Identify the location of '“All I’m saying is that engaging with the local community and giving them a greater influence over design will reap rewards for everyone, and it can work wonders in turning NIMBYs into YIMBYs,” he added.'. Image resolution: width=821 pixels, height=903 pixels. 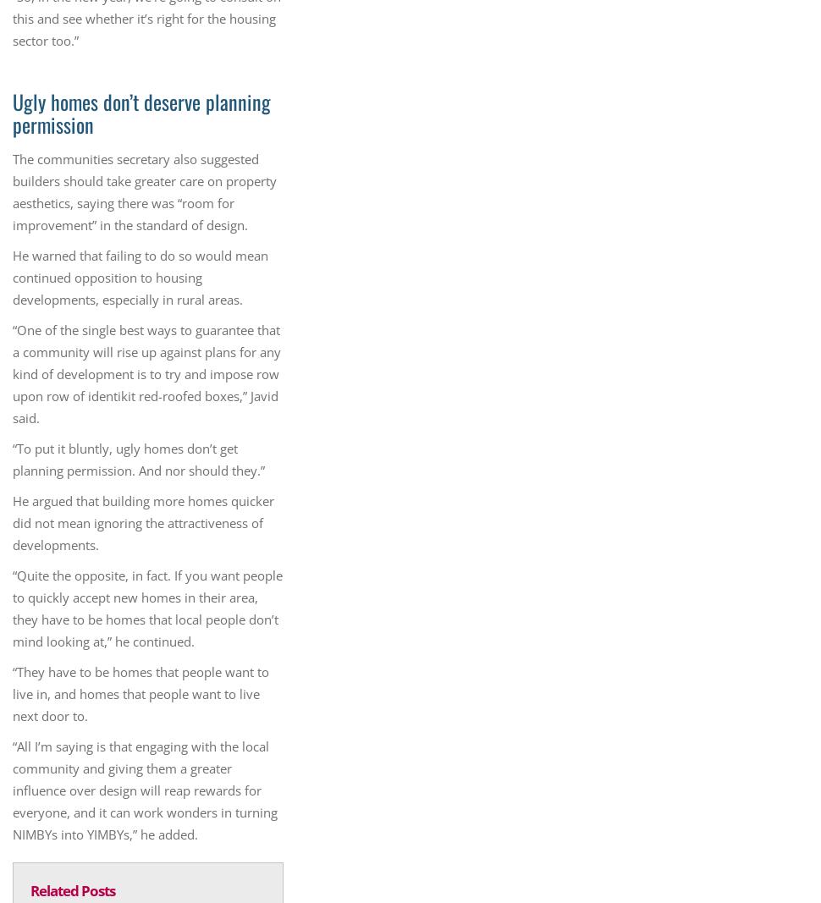
(144, 790).